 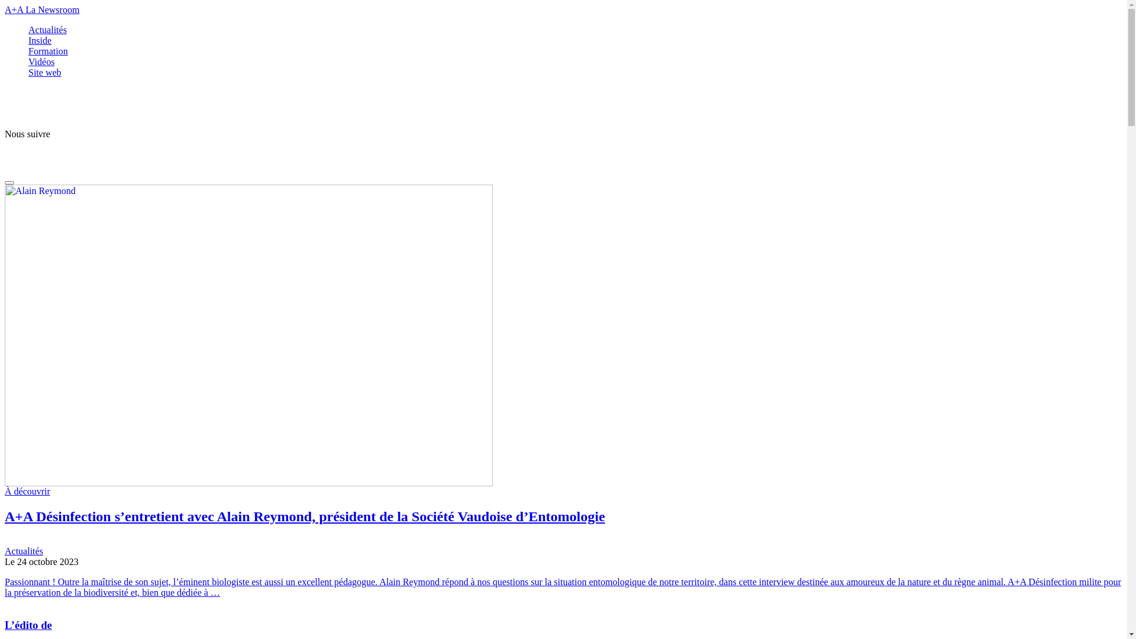 I want to click on 'A+A La Newsroom', so click(x=5, y=9).